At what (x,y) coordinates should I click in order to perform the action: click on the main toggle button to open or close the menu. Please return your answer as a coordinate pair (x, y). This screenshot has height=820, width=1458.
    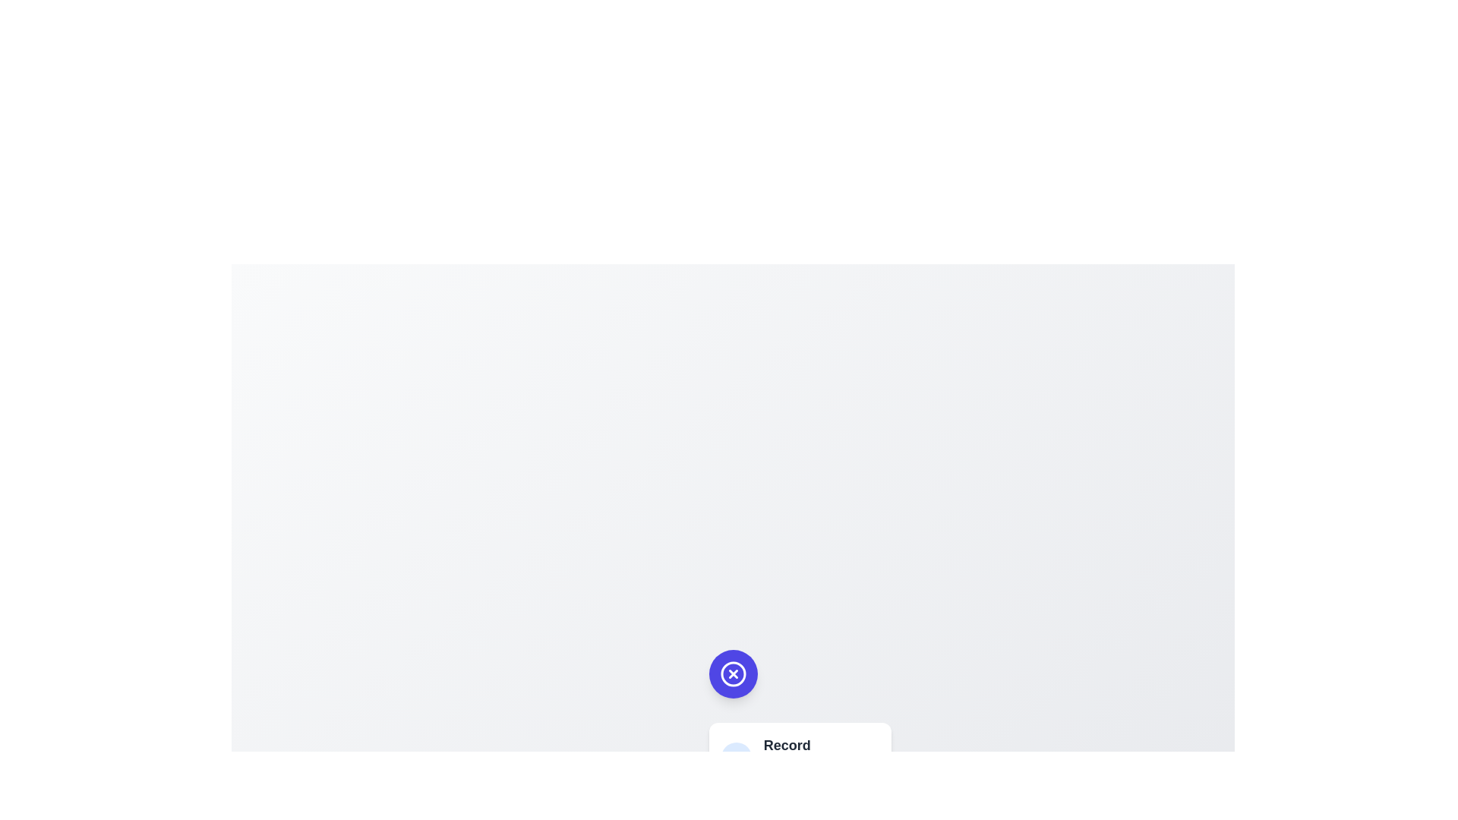
    Looking at the image, I should click on (733, 673).